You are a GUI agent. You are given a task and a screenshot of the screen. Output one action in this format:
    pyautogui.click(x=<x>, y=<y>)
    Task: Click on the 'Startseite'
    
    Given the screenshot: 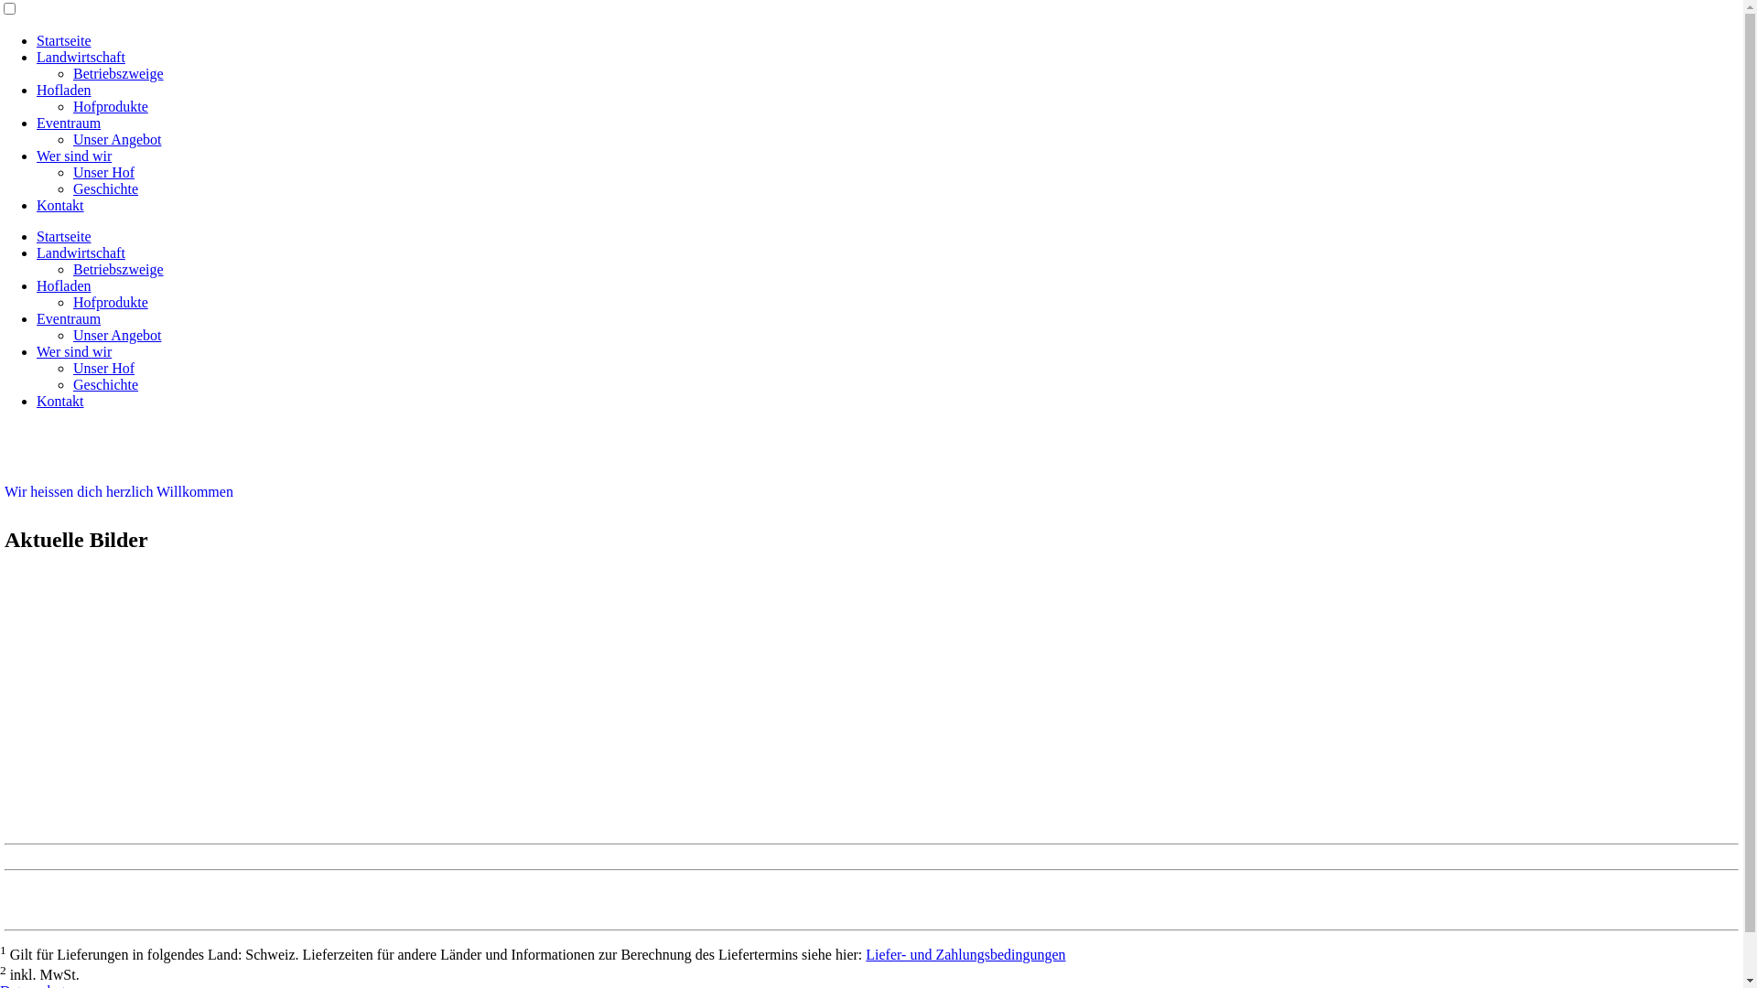 What is the action you would take?
    pyautogui.click(x=36, y=40)
    